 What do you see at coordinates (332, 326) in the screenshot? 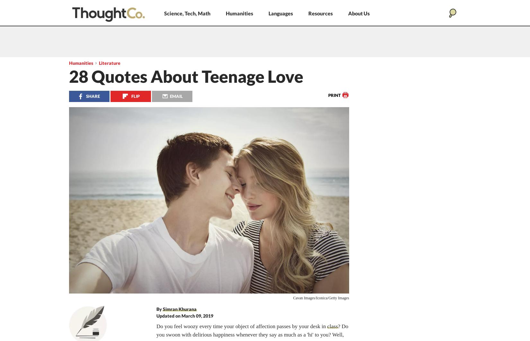
I see `'class'` at bounding box center [332, 326].